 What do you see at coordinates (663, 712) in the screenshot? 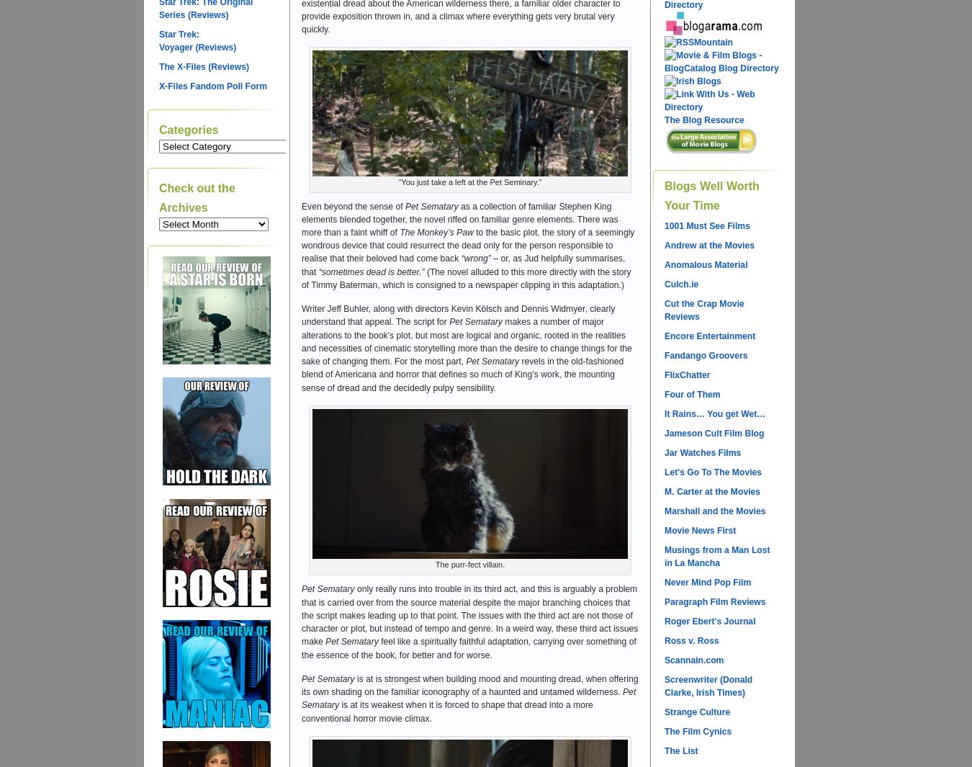
I see `'Strange Culture'` at bounding box center [663, 712].